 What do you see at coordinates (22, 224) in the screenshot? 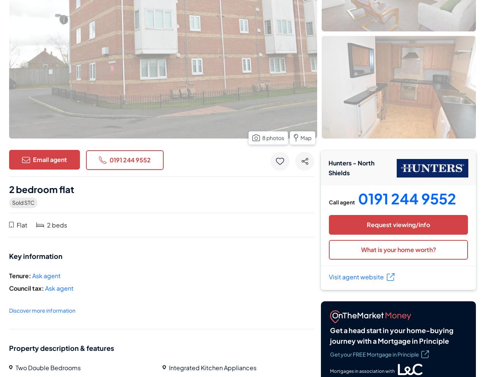
I see `'Flat'` at bounding box center [22, 224].